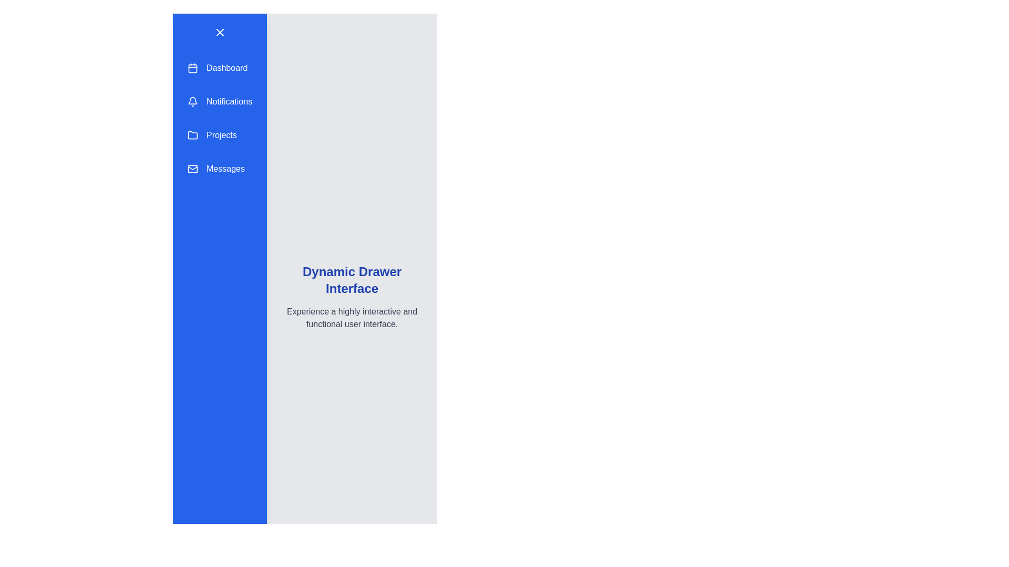 This screenshot has height=567, width=1009. Describe the element at coordinates (219, 168) in the screenshot. I see `the menu item Messages to navigate to the respective section` at that location.